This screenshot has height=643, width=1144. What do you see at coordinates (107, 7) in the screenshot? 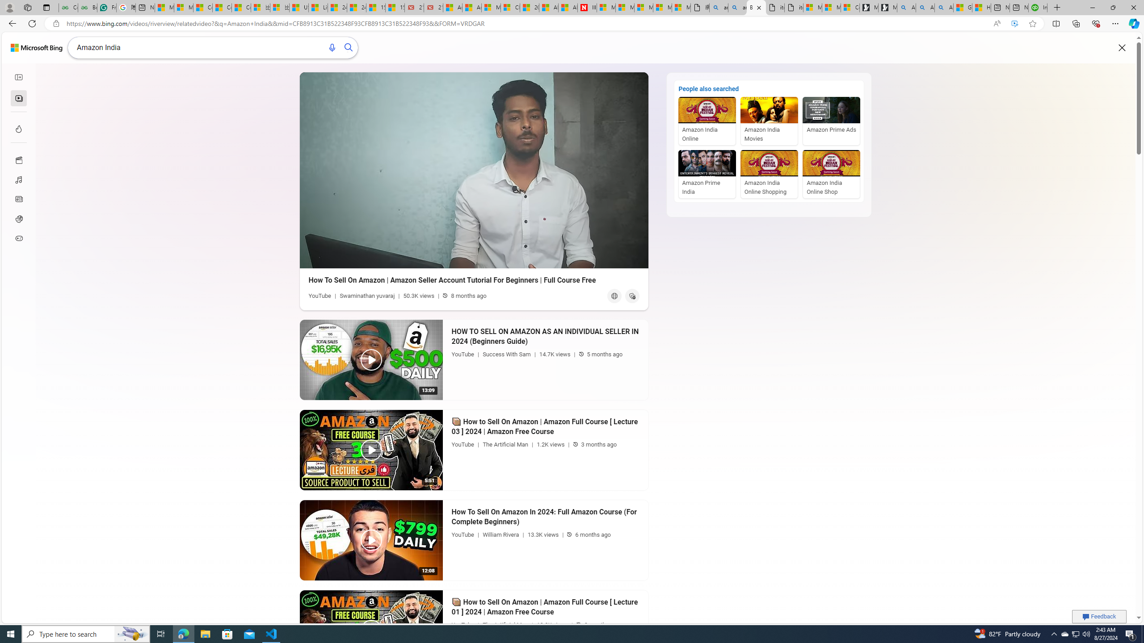
I see `'Free AI Writing Assistance for Students | Grammarly'` at bounding box center [107, 7].